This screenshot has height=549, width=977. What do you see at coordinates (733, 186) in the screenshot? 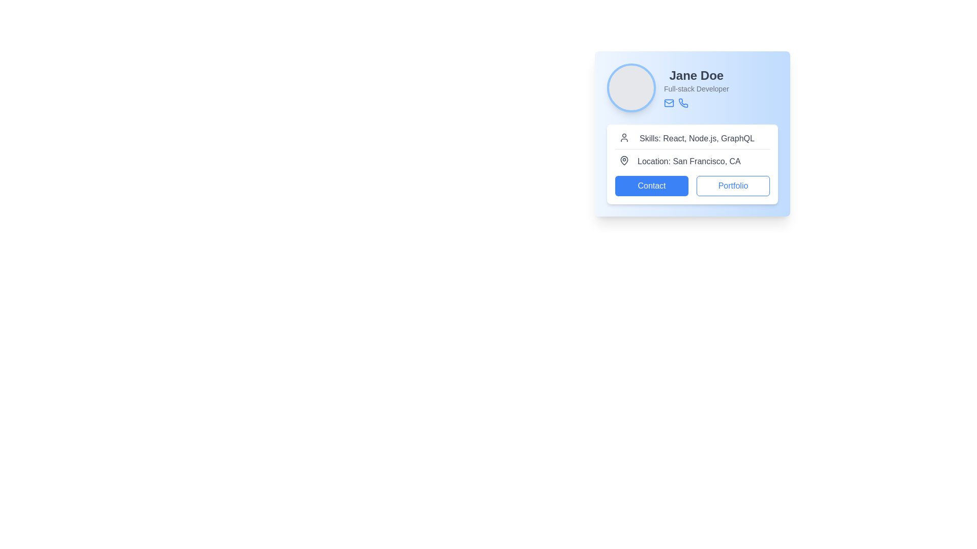
I see `the 'Portfolio' button, which is the second button in a horizontal layout, located to the right of the 'Contact' button within the lower portion of a profile card structure` at bounding box center [733, 186].